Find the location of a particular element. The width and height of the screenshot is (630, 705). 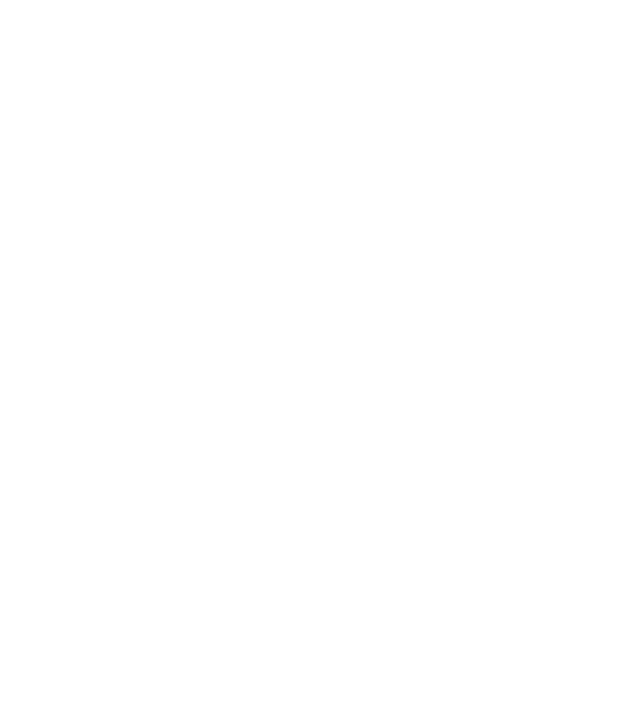

'Austrian Audio’s new MiCreator Studio pocket recording system eyes musicians and content creators.' is located at coordinates (264, 686).